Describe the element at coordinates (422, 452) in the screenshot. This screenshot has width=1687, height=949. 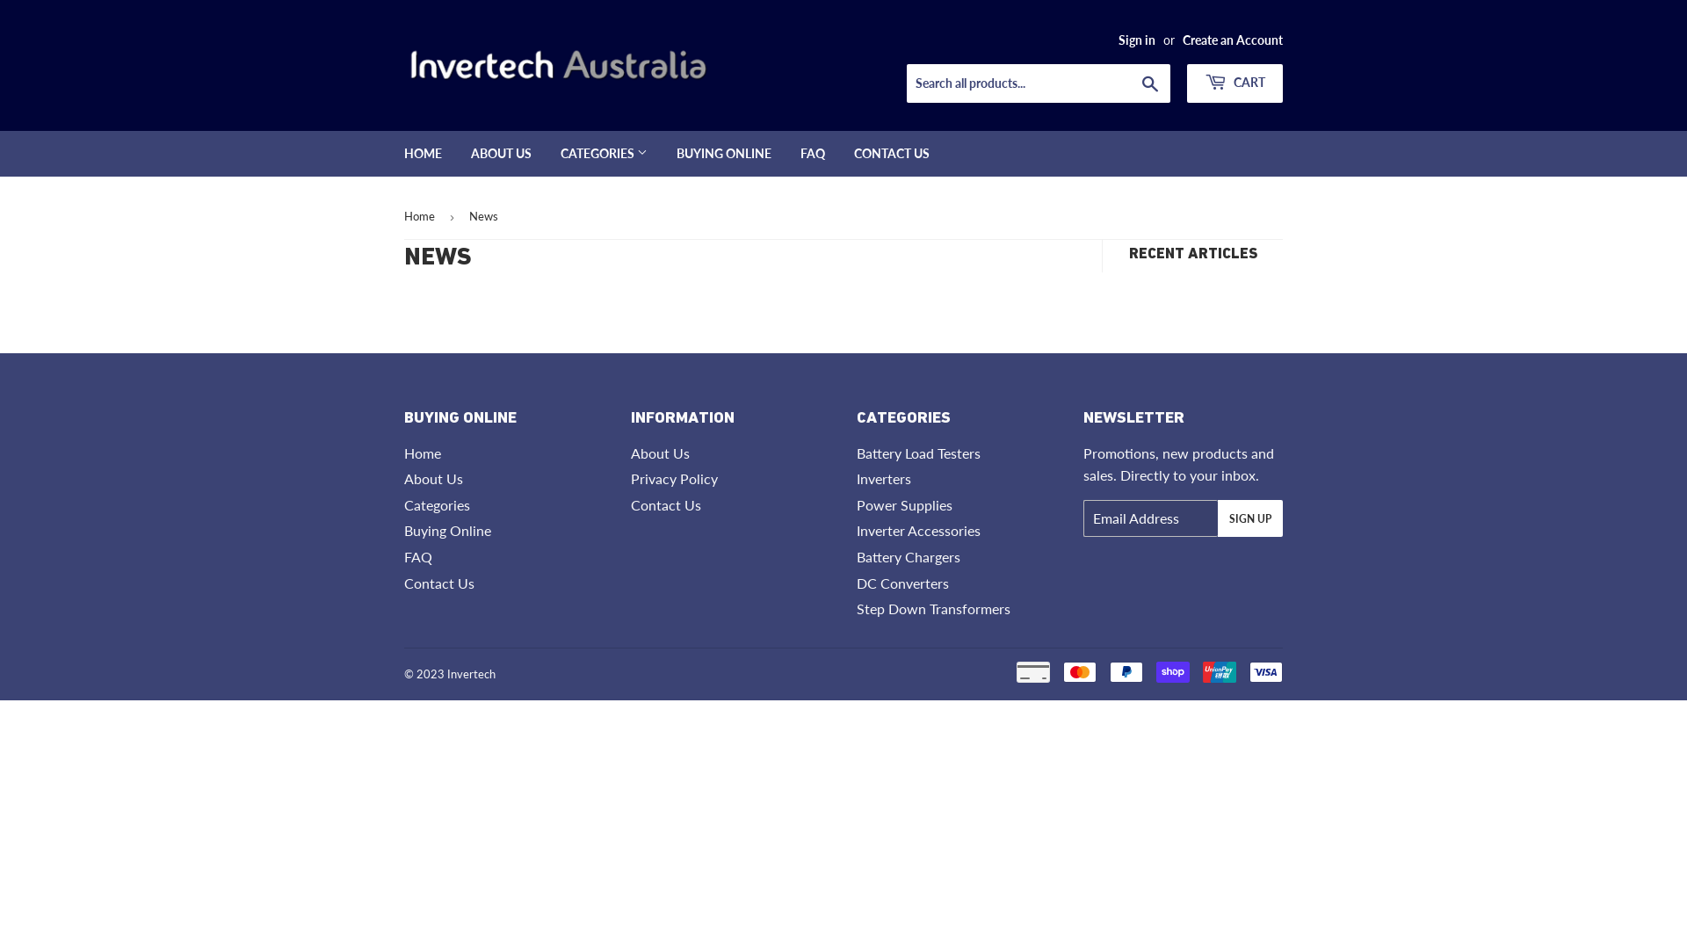
I see `'Home'` at that location.